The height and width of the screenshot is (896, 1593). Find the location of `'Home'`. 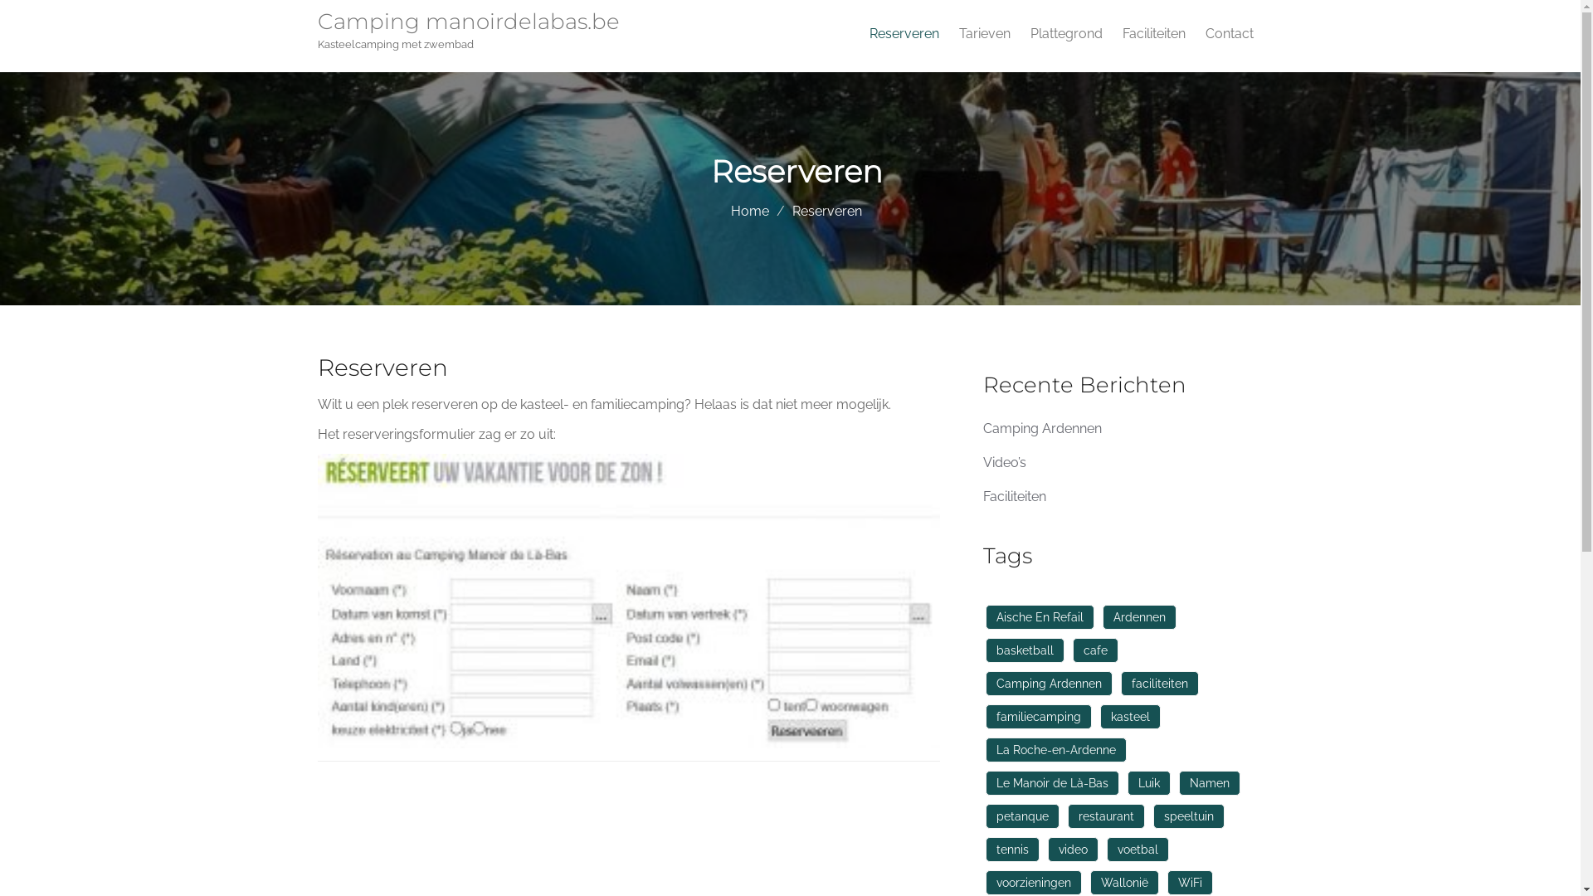

'Home' is located at coordinates (748, 210).